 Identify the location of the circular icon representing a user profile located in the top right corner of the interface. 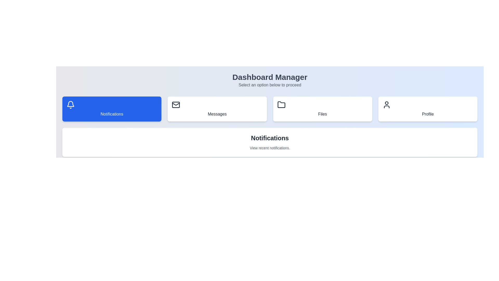
(386, 103).